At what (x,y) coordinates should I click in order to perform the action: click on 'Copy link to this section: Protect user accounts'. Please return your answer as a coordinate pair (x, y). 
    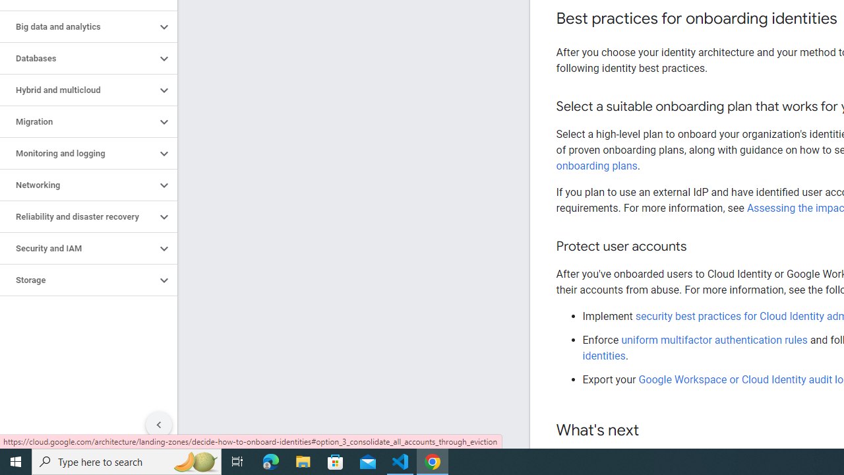
    Looking at the image, I should click on (699, 247).